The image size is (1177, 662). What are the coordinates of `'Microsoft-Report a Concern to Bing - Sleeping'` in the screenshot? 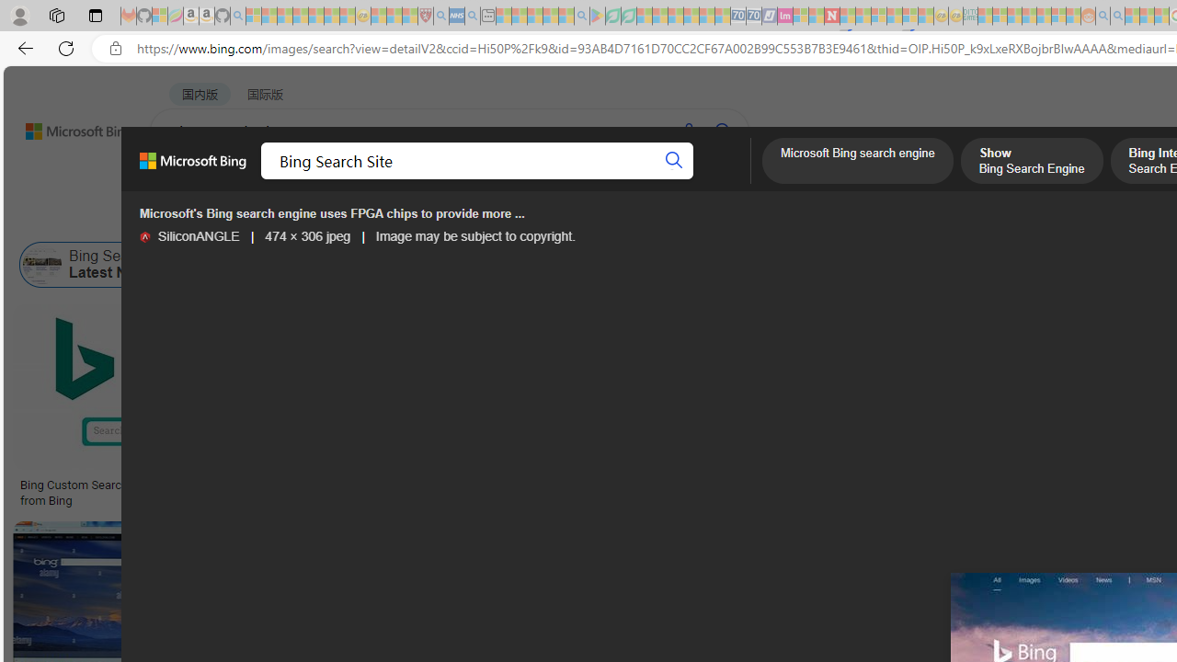 It's located at (160, 16).